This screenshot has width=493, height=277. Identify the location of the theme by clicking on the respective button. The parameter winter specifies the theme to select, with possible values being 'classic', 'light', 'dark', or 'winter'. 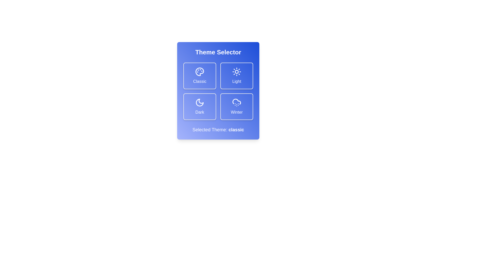
(236, 106).